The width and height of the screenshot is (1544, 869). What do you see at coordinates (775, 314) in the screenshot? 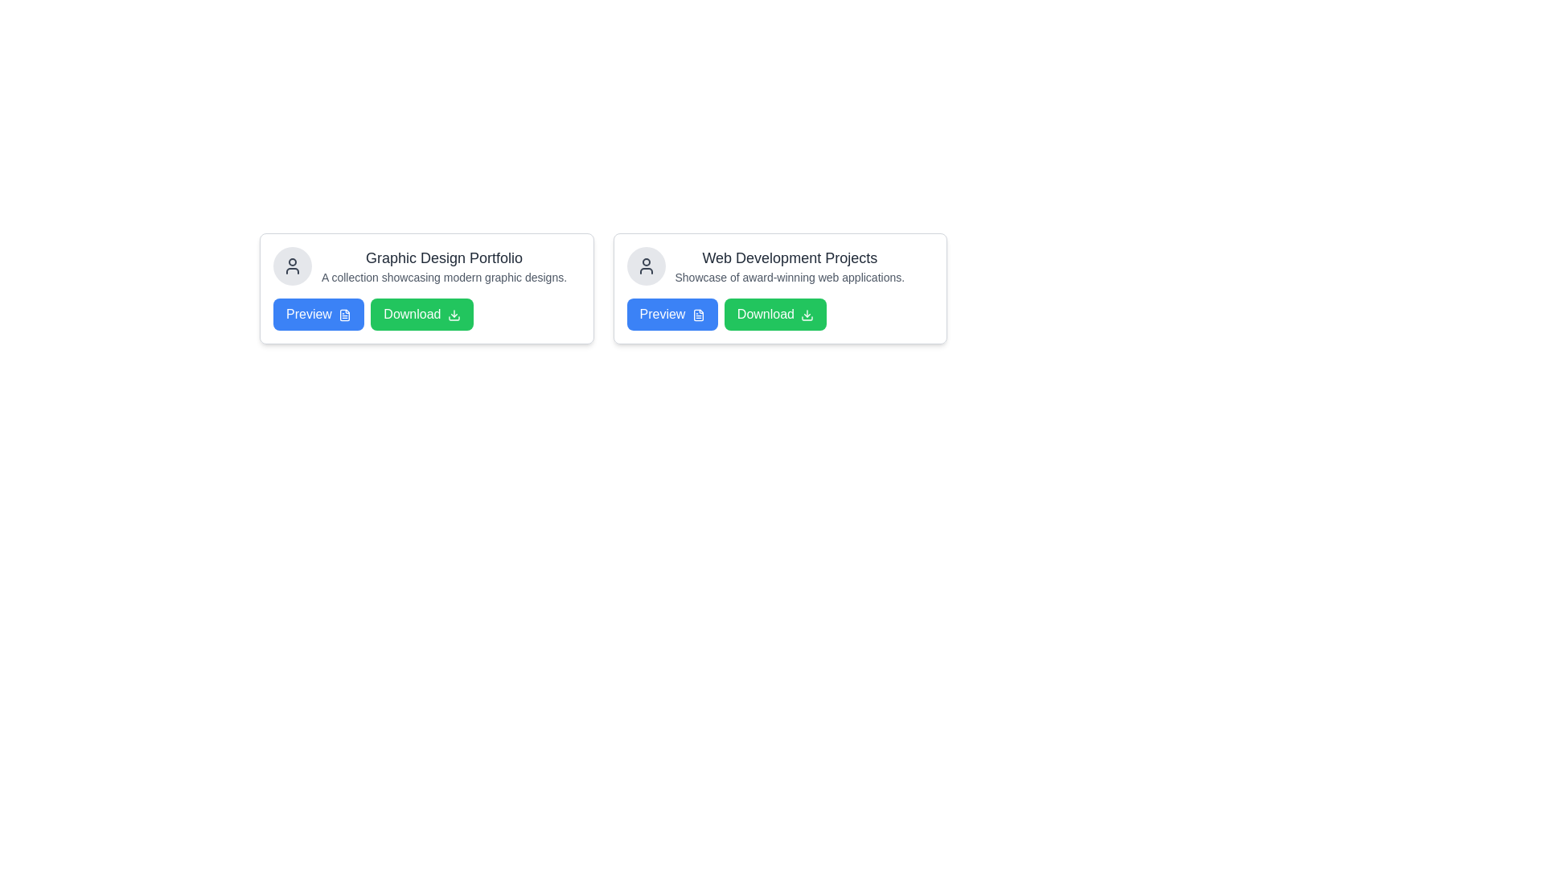
I see `the green 'Download' button with white text and a download icon to its right, located in the second card group, to initiate the download` at bounding box center [775, 314].